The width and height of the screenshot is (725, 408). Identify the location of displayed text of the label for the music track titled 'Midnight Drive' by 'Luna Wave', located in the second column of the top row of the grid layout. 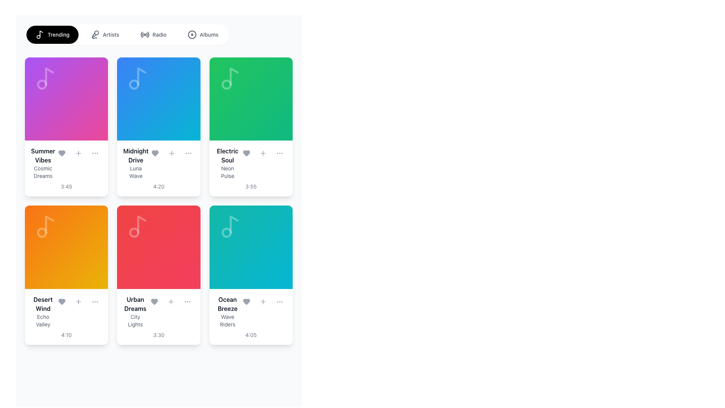
(136, 163).